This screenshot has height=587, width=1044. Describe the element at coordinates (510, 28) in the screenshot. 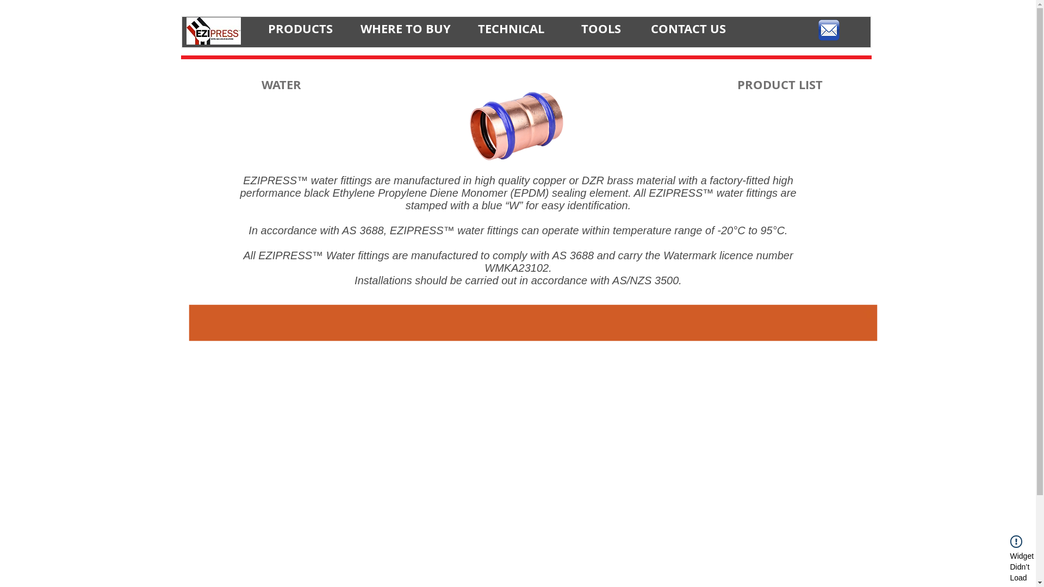

I see `'TECHNICAL'` at that location.